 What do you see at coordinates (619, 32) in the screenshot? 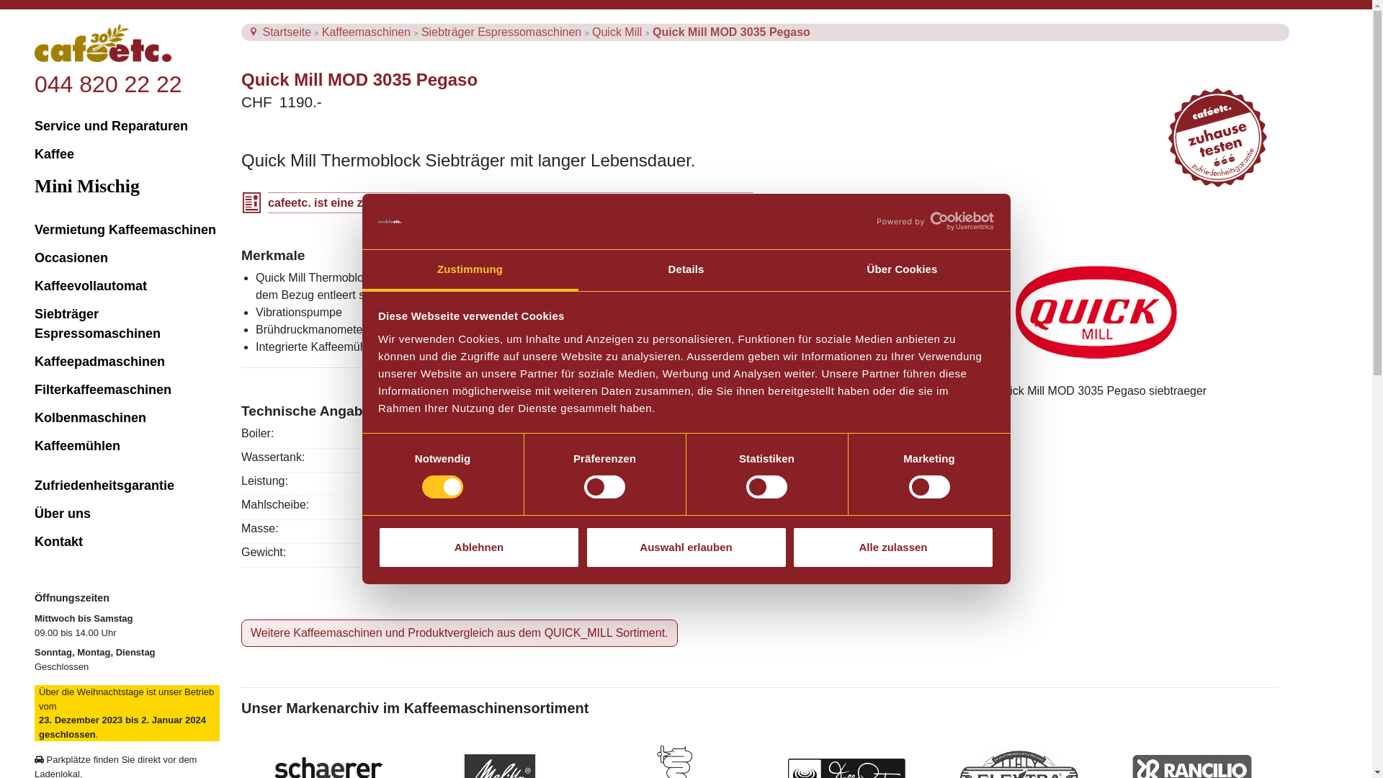
I see `'Quick Mill'` at bounding box center [619, 32].